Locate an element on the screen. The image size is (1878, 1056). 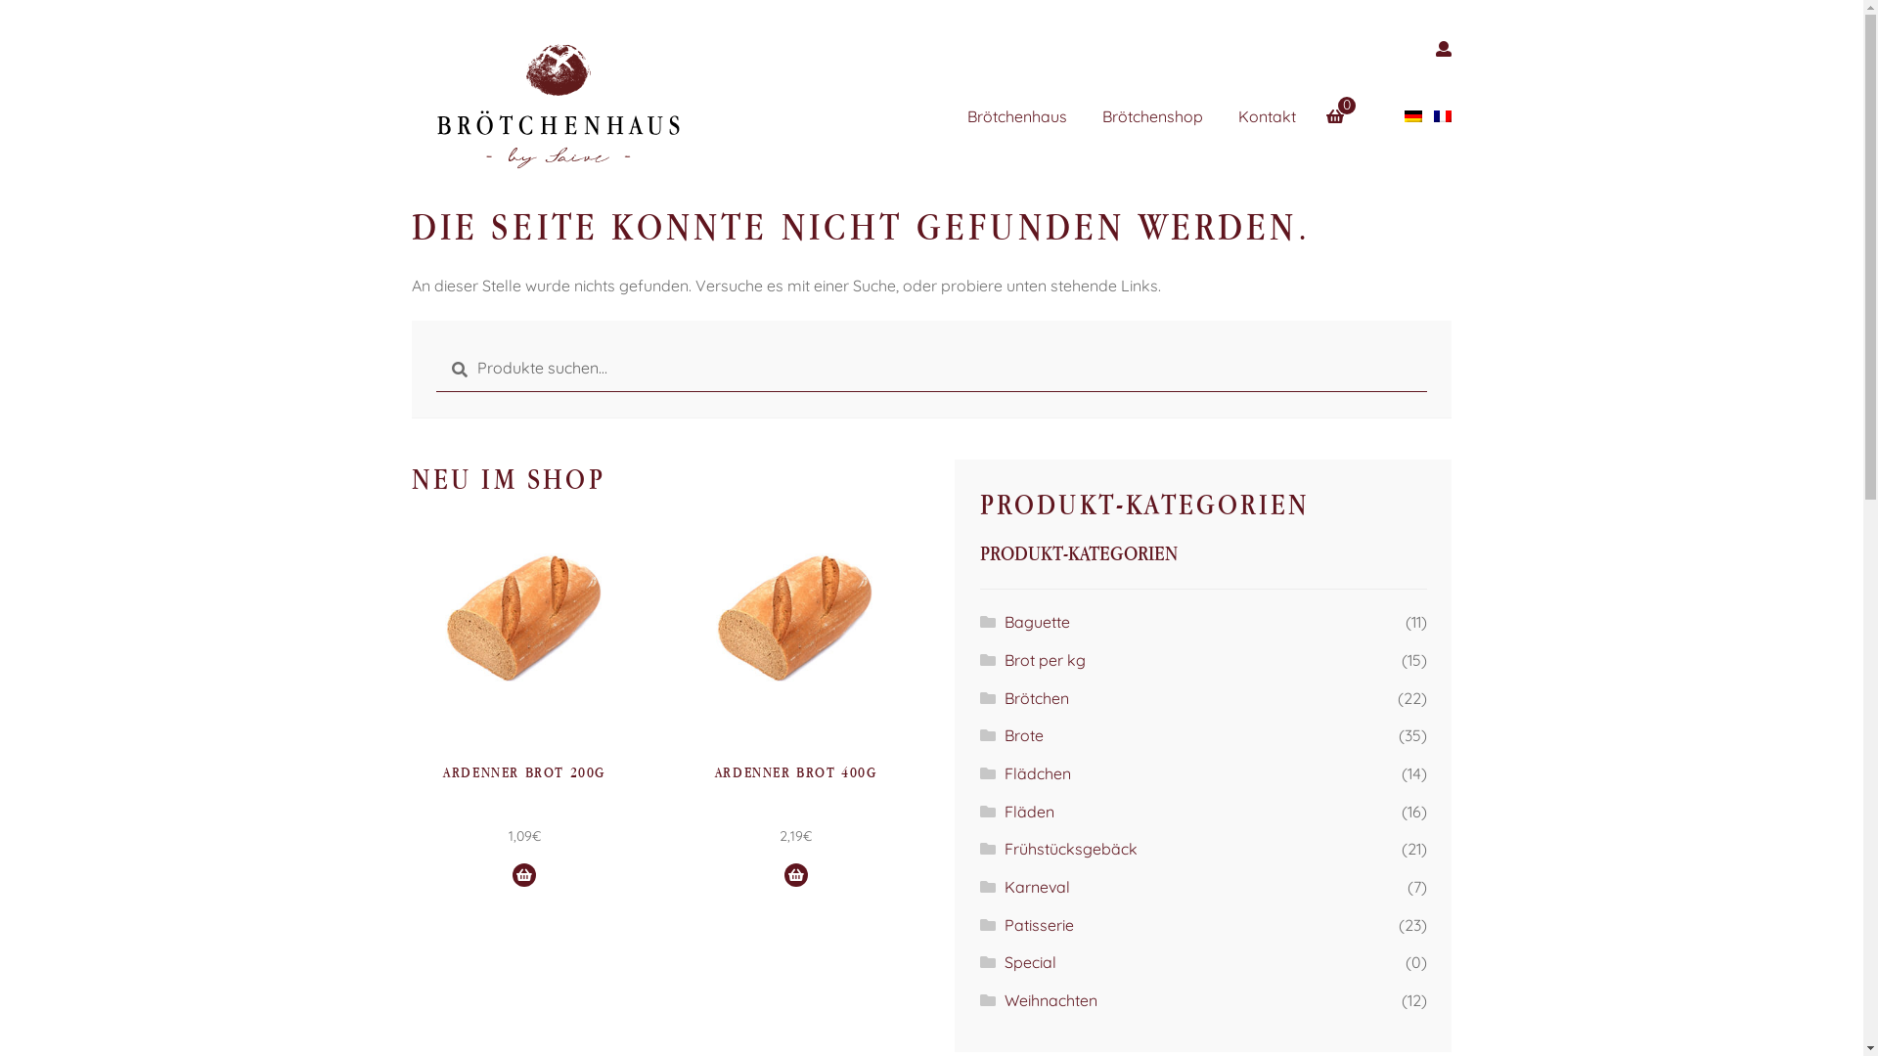
'Patisserie' is located at coordinates (1038, 924).